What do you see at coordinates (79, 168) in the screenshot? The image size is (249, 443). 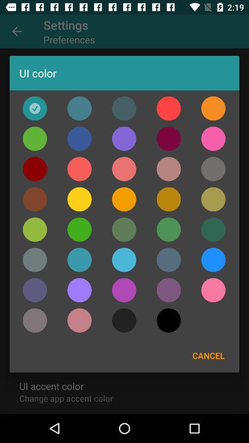 I see `ui color pink` at bounding box center [79, 168].